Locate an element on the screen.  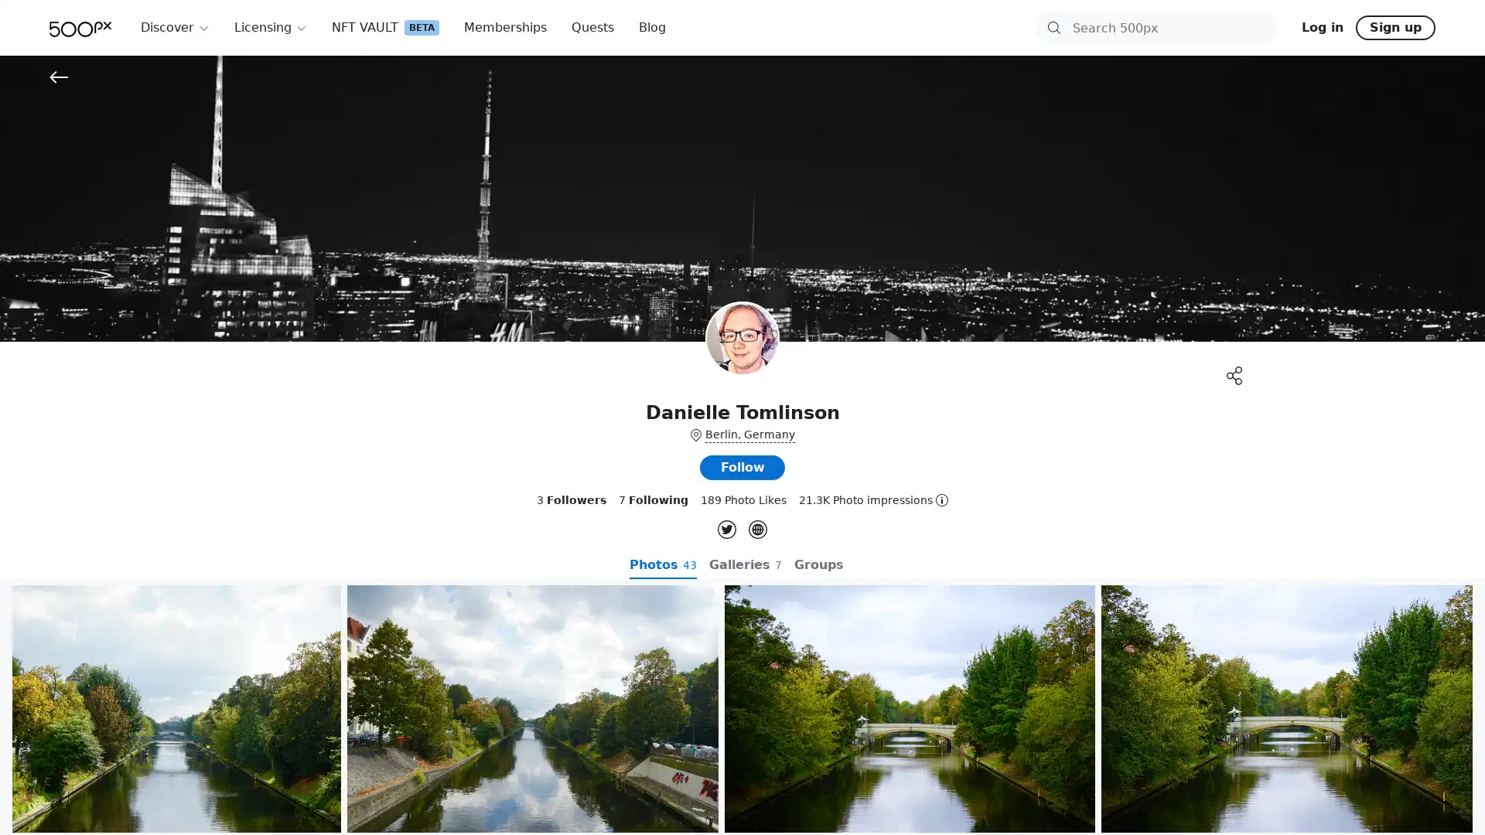
Follow is located at coordinates (742, 467).